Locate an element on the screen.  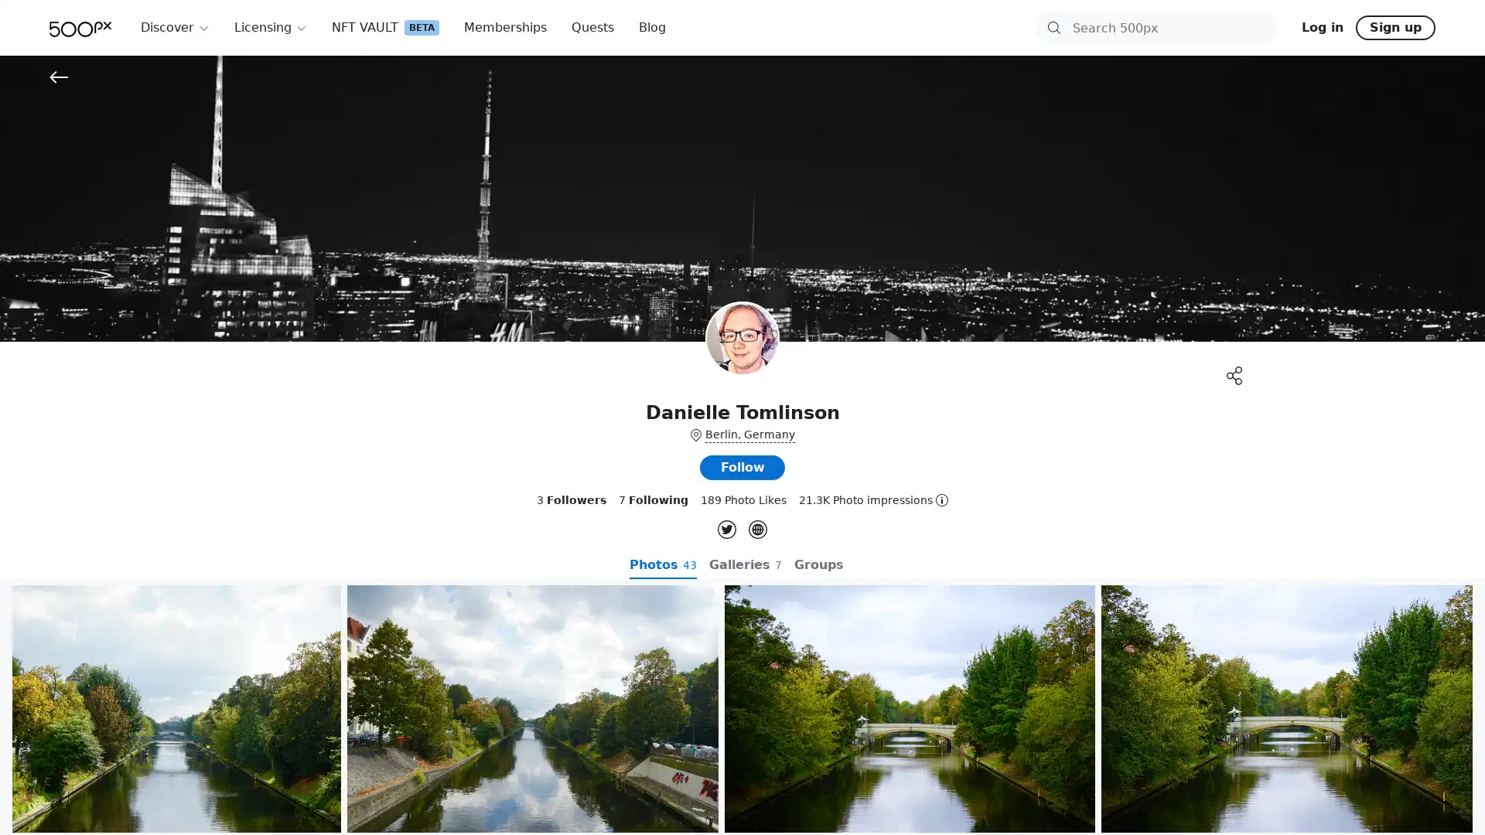
Follow is located at coordinates (742, 467).